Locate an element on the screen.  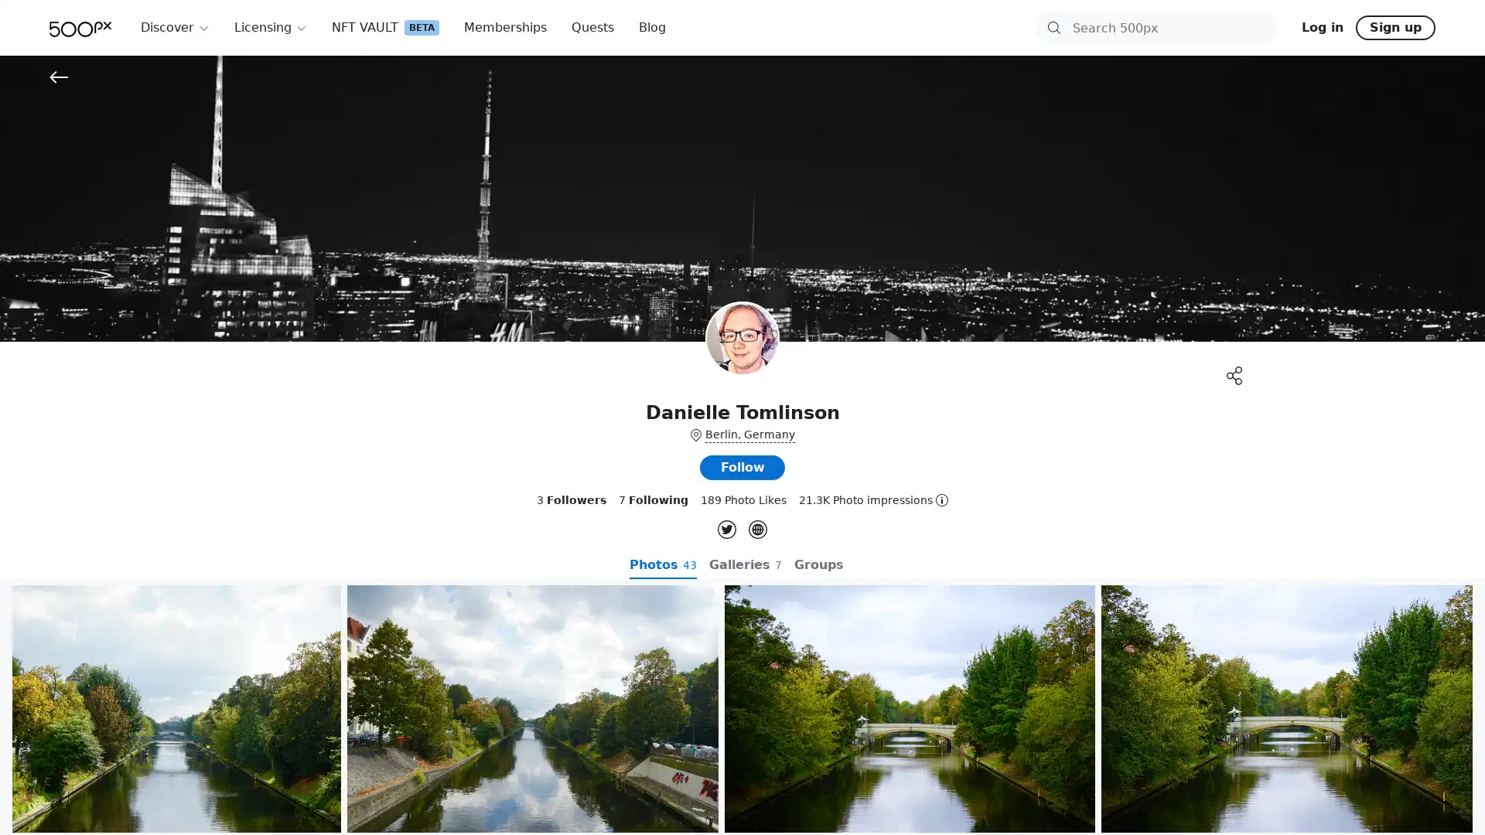
Follow is located at coordinates (742, 467).